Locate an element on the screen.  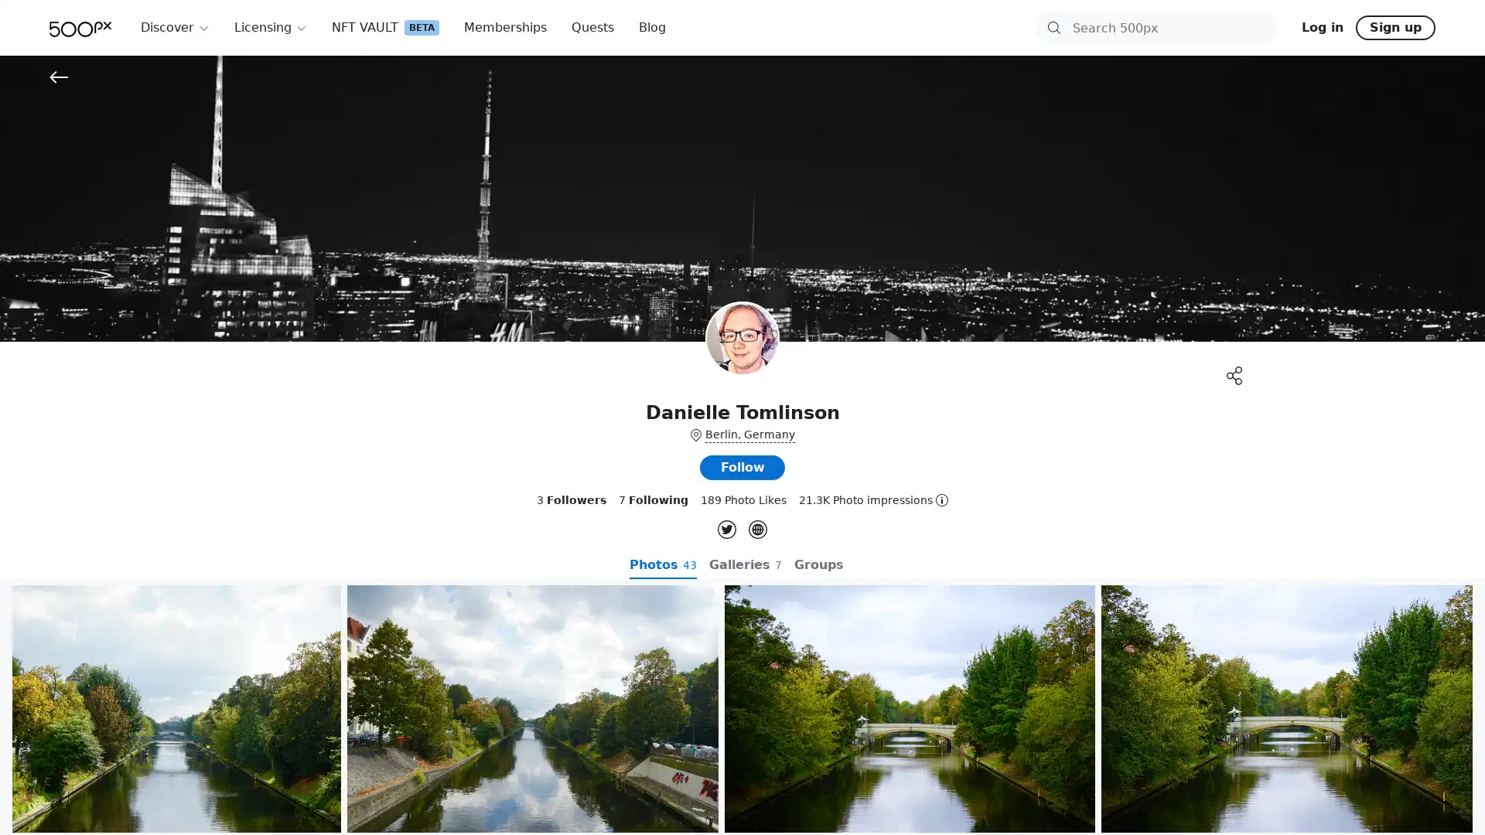
Follow is located at coordinates (742, 467).